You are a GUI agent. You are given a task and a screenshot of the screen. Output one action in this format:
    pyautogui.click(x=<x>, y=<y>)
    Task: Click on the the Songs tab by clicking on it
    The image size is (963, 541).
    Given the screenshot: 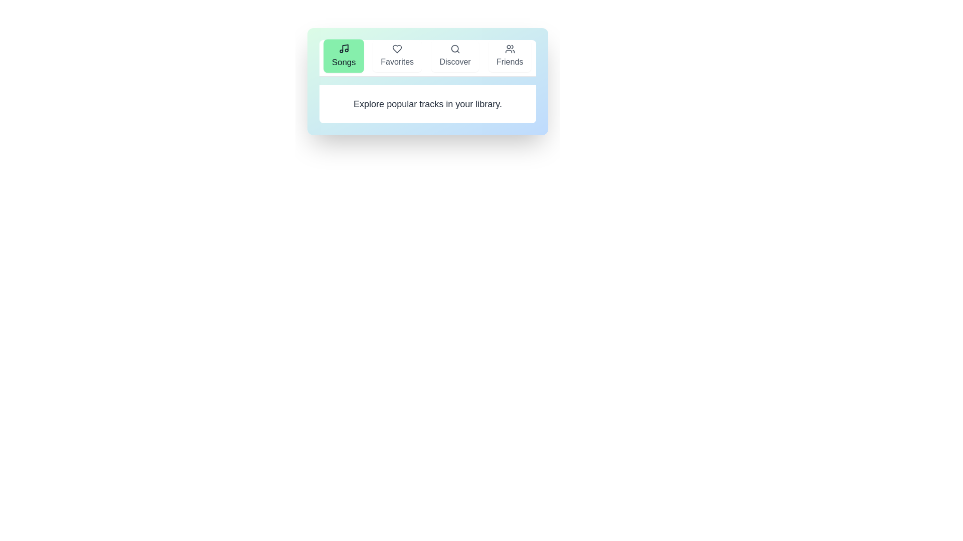 What is the action you would take?
    pyautogui.click(x=344, y=56)
    